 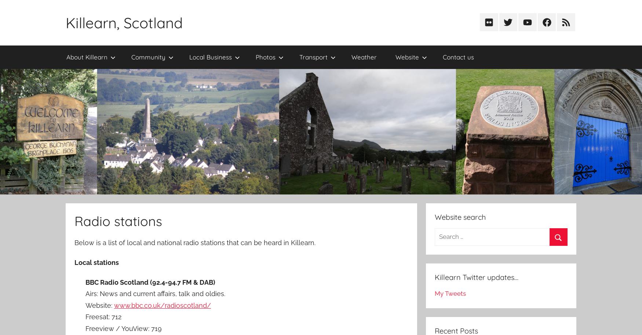 What do you see at coordinates (124, 328) in the screenshot?
I see `'Freeview / YouView: 719'` at bounding box center [124, 328].